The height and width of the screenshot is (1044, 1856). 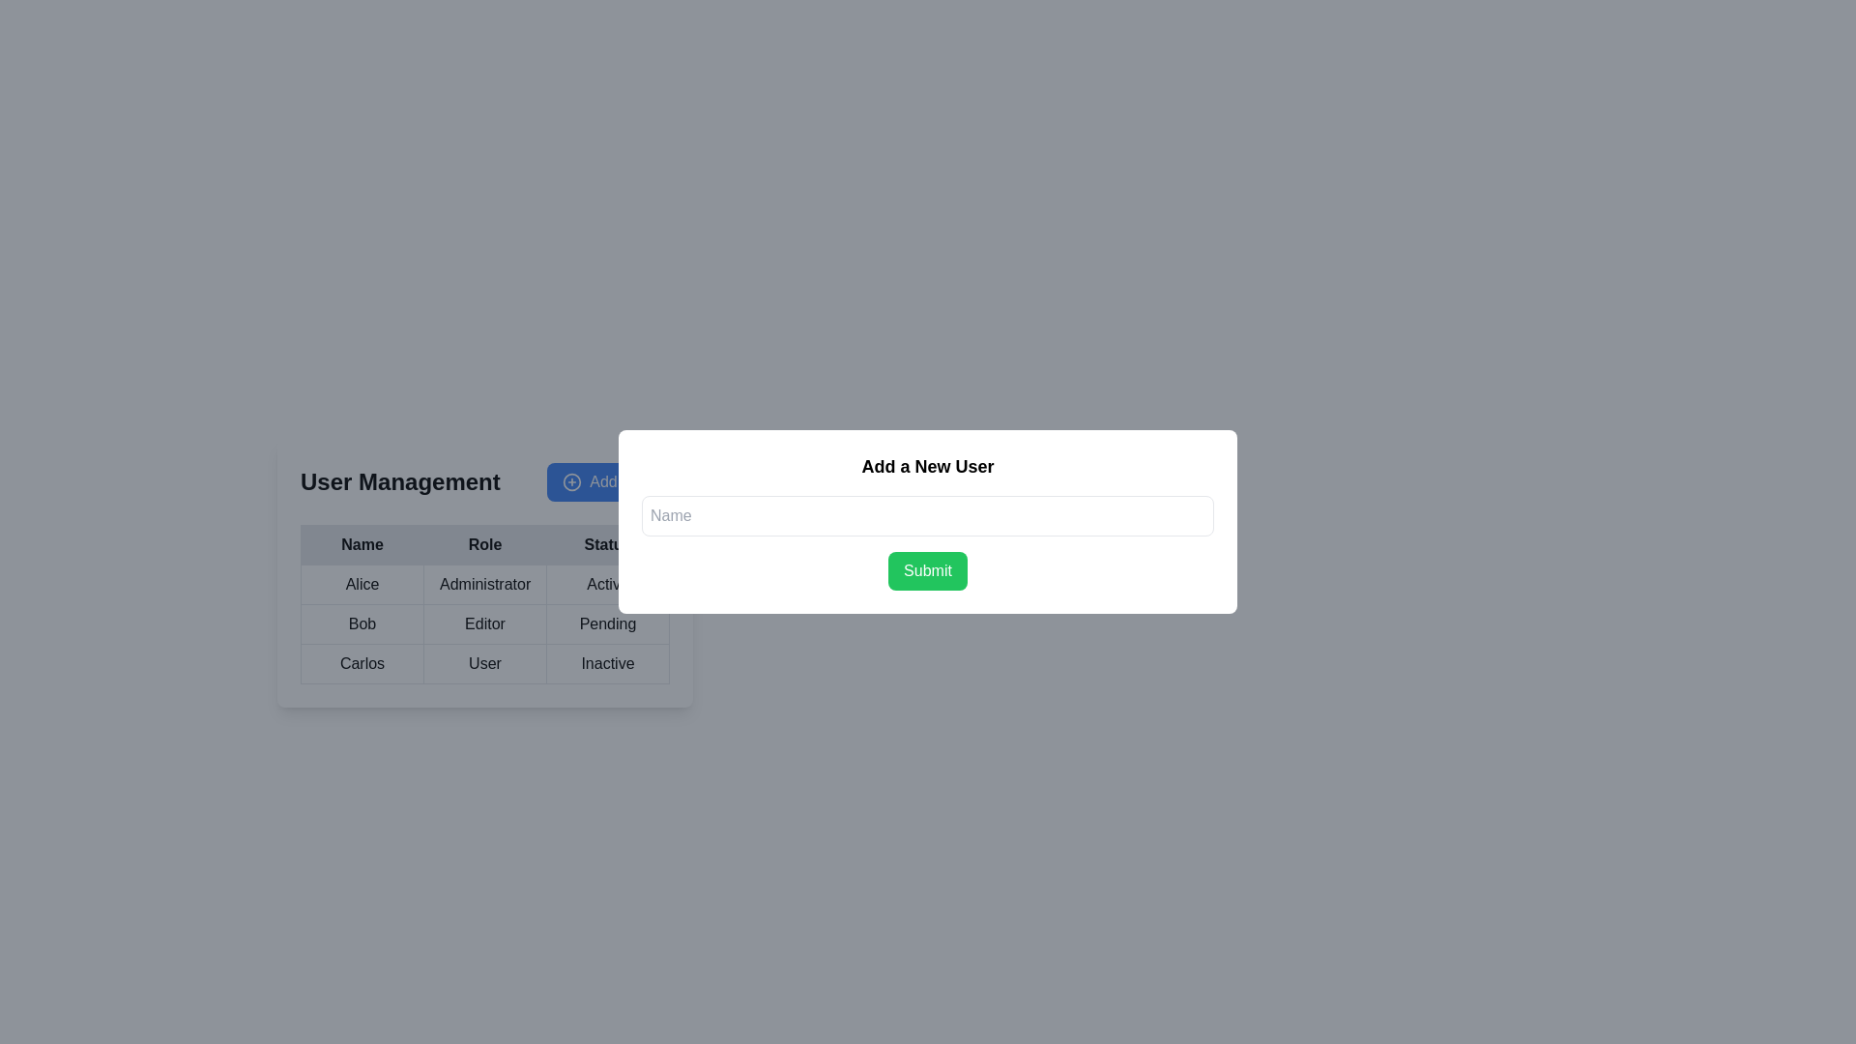 I want to click on the button used to add a new user, located to the right of the 'User Management' heading, so click(x=607, y=480).